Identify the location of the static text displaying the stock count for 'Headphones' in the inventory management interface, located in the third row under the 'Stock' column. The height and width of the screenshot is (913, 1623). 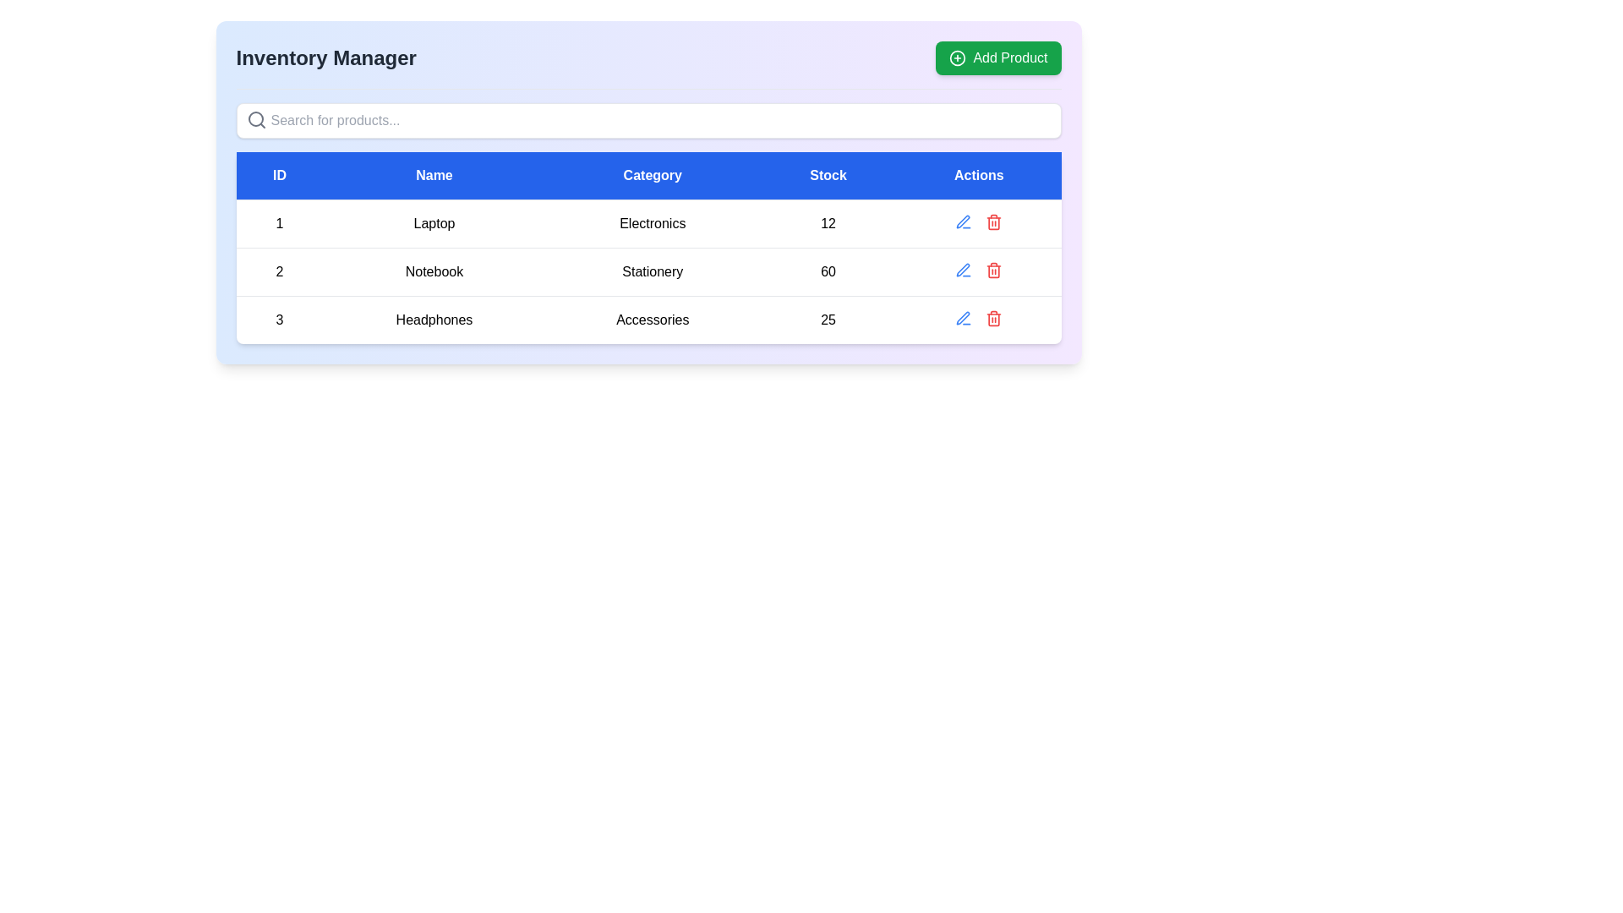
(828, 320).